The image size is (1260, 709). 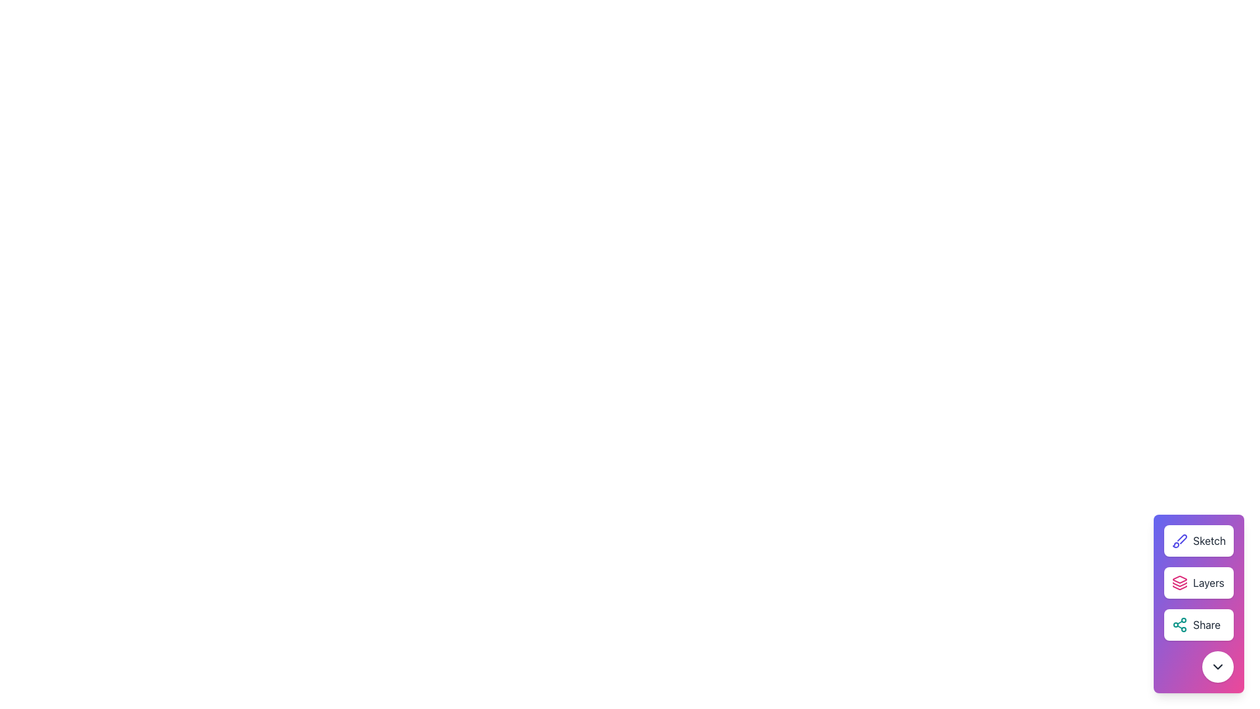 I want to click on the brush icon labeled 'Sketch', so click(x=1180, y=541).